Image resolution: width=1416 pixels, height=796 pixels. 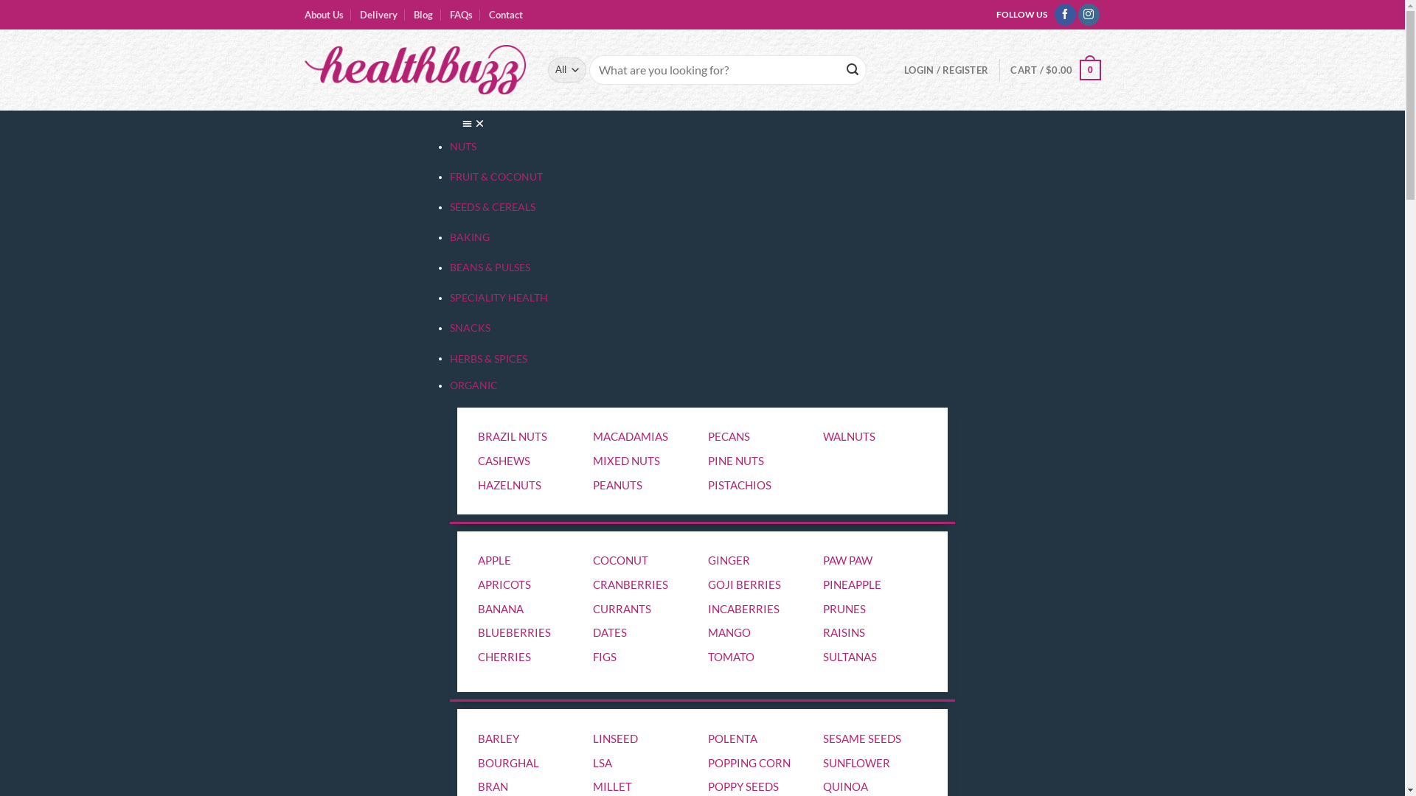 I want to click on 'WALNUTS', so click(x=849, y=435).